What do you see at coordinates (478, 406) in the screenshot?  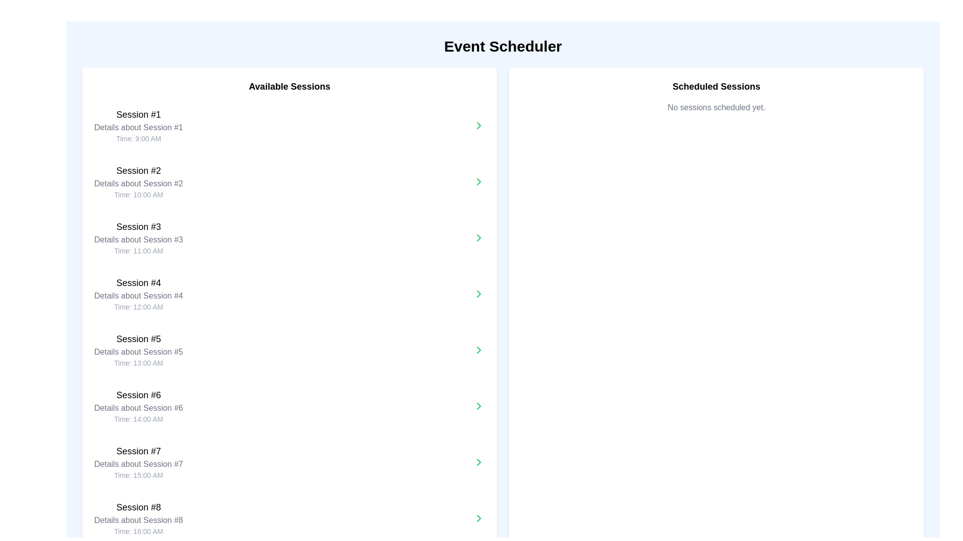 I see `the small right-facing arrow icon with a green border associated with 'Session #6' in the left panel labeled 'Available Sessions'` at bounding box center [478, 406].